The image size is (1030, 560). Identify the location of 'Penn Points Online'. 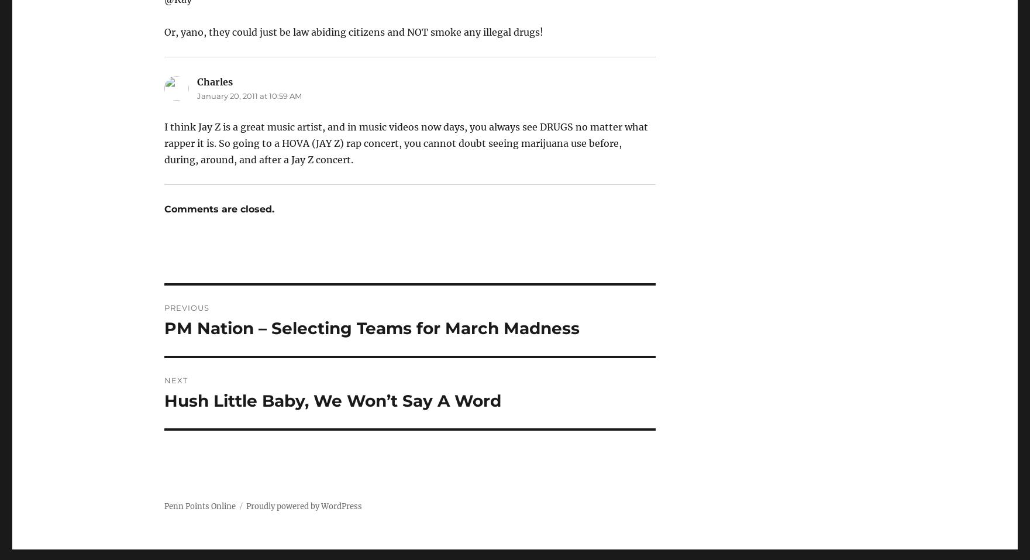
(198, 506).